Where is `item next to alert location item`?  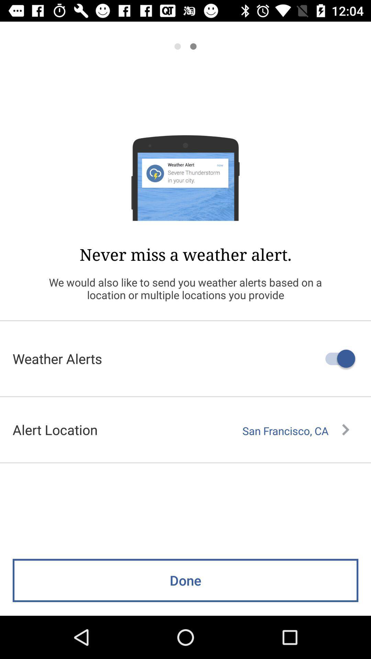
item next to alert location item is located at coordinates (295, 430).